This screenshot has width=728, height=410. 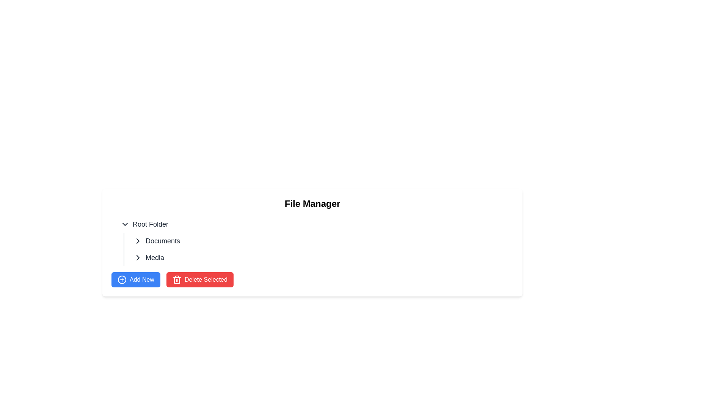 What do you see at coordinates (154, 257) in the screenshot?
I see `the 'Media' static text label` at bounding box center [154, 257].